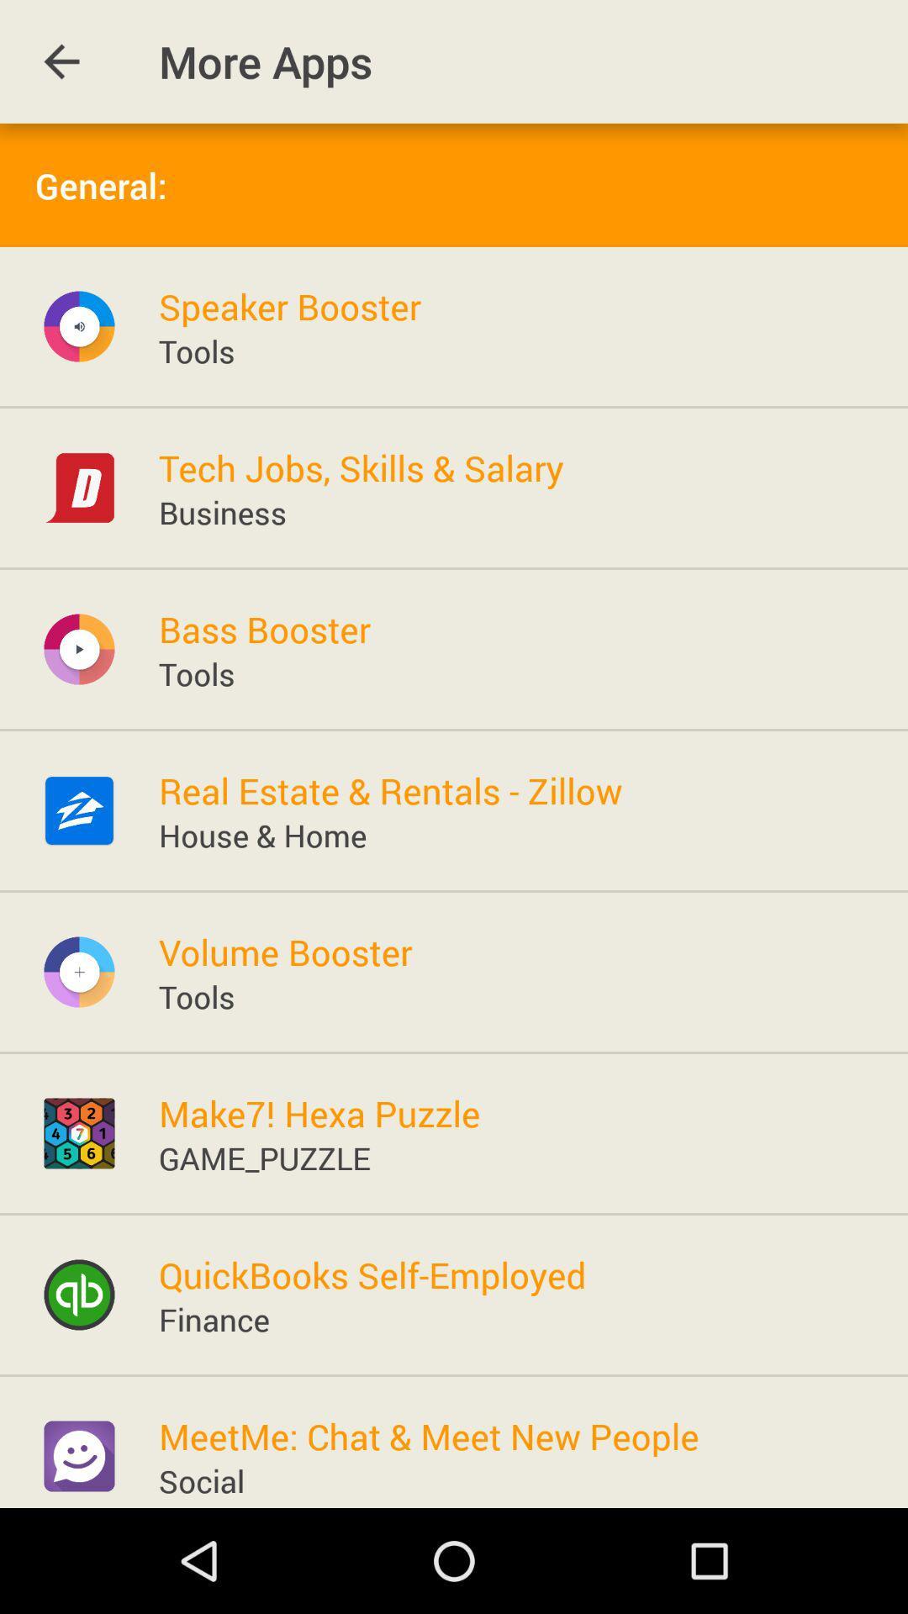 This screenshot has height=1614, width=908. What do you see at coordinates (360, 467) in the screenshot?
I see `the item above business item` at bounding box center [360, 467].